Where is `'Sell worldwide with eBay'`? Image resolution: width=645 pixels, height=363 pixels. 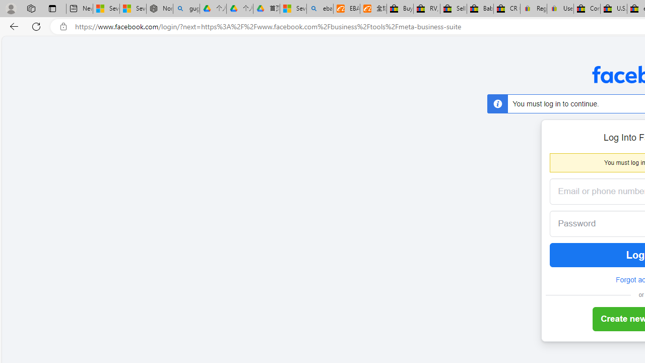 'Sell worldwide with eBay' is located at coordinates (453, 9).